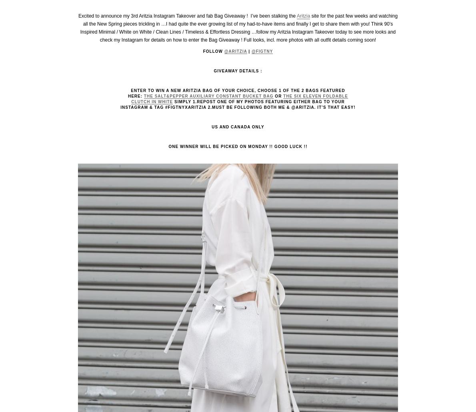 This screenshot has width=476, height=412. I want to click on 'Excited to announce my 3rd Aritzia Instagram Takeover and fab Bag Giveaway !  I’ve been stalking the', so click(78, 16).